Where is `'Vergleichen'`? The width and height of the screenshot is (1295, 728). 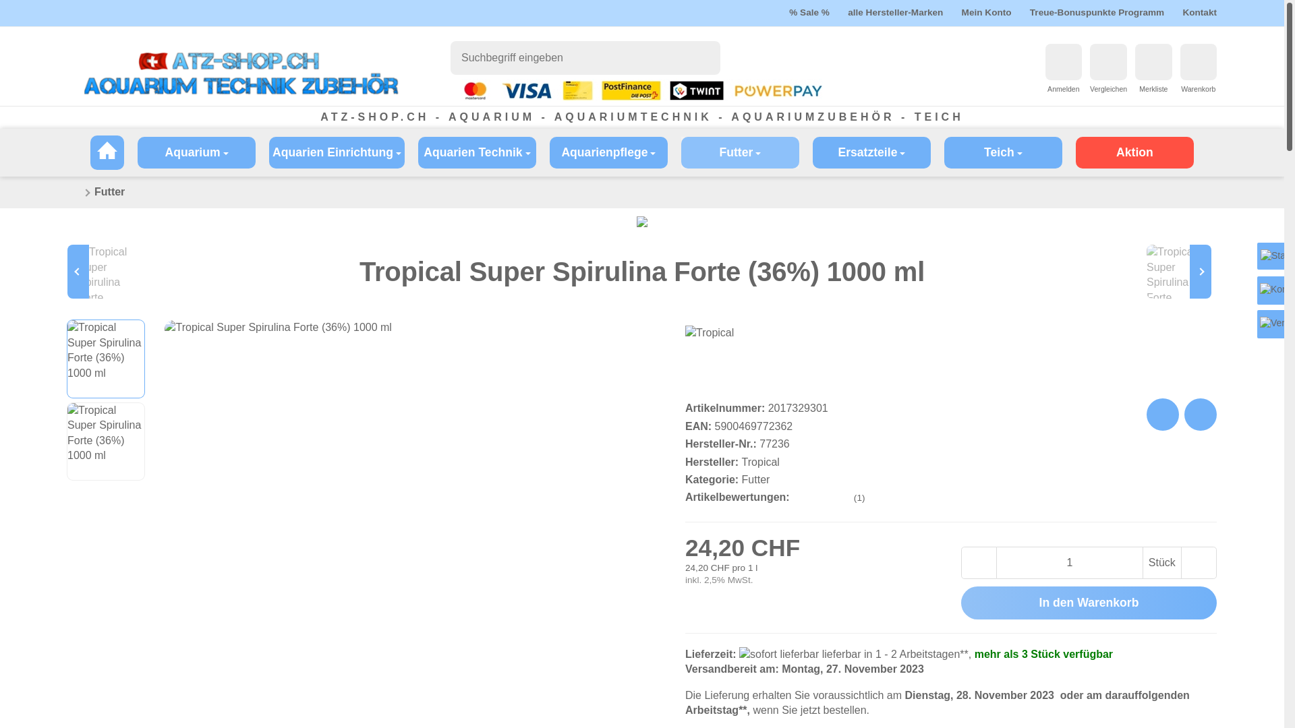 'Vergleichen' is located at coordinates (1090, 89).